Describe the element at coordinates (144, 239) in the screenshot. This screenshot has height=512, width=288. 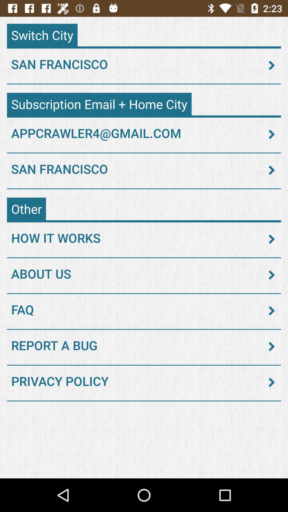
I see `the how it works item` at that location.